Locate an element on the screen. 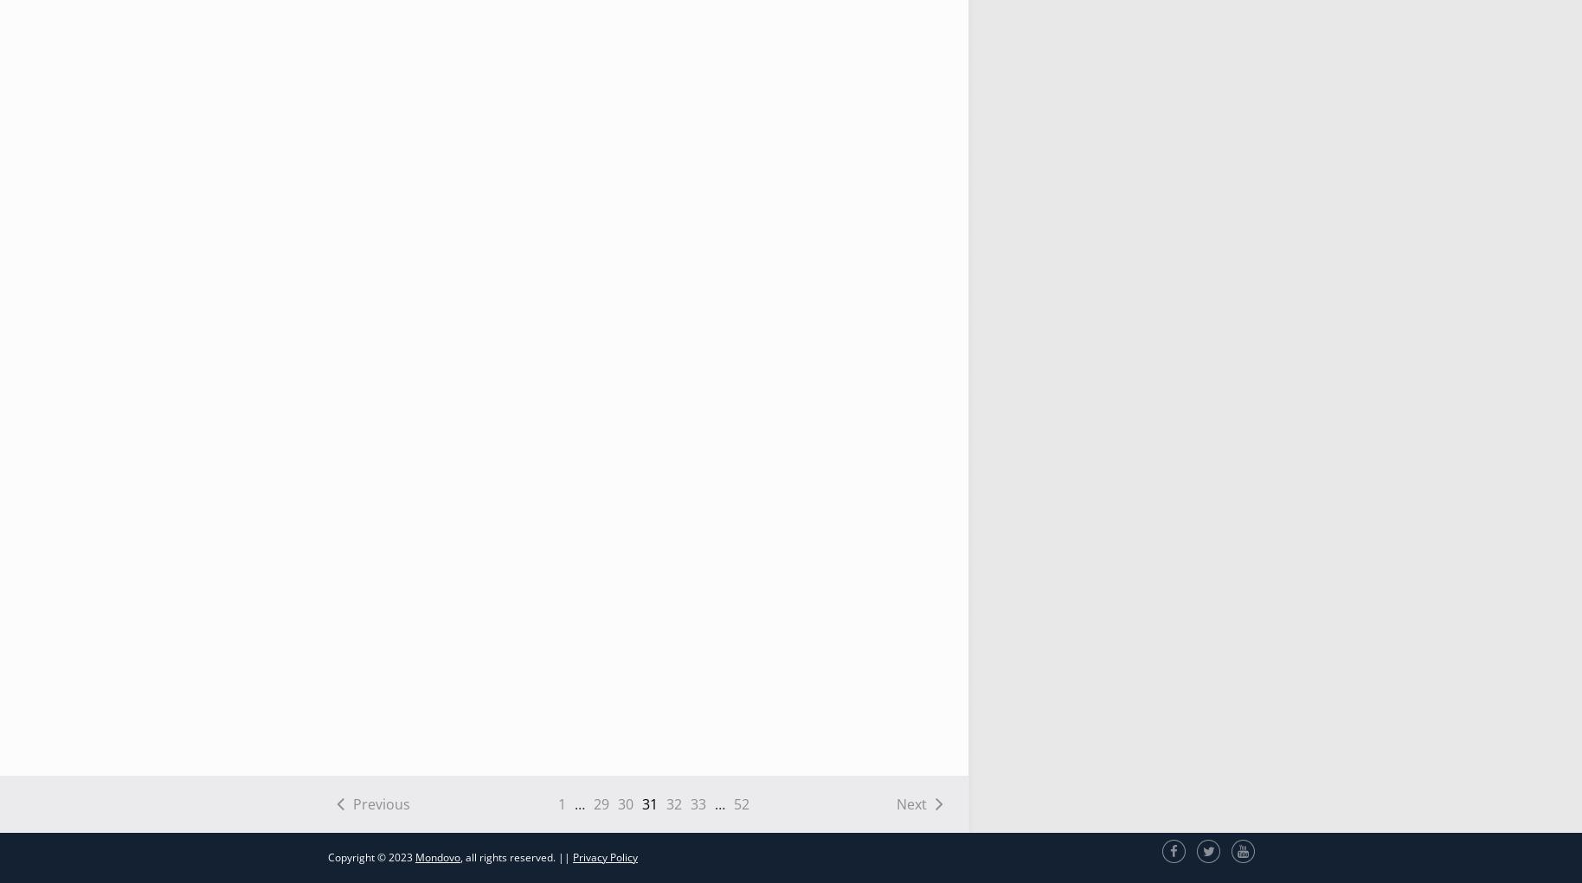 This screenshot has width=1582, height=883. 'Next' is located at coordinates (911, 803).